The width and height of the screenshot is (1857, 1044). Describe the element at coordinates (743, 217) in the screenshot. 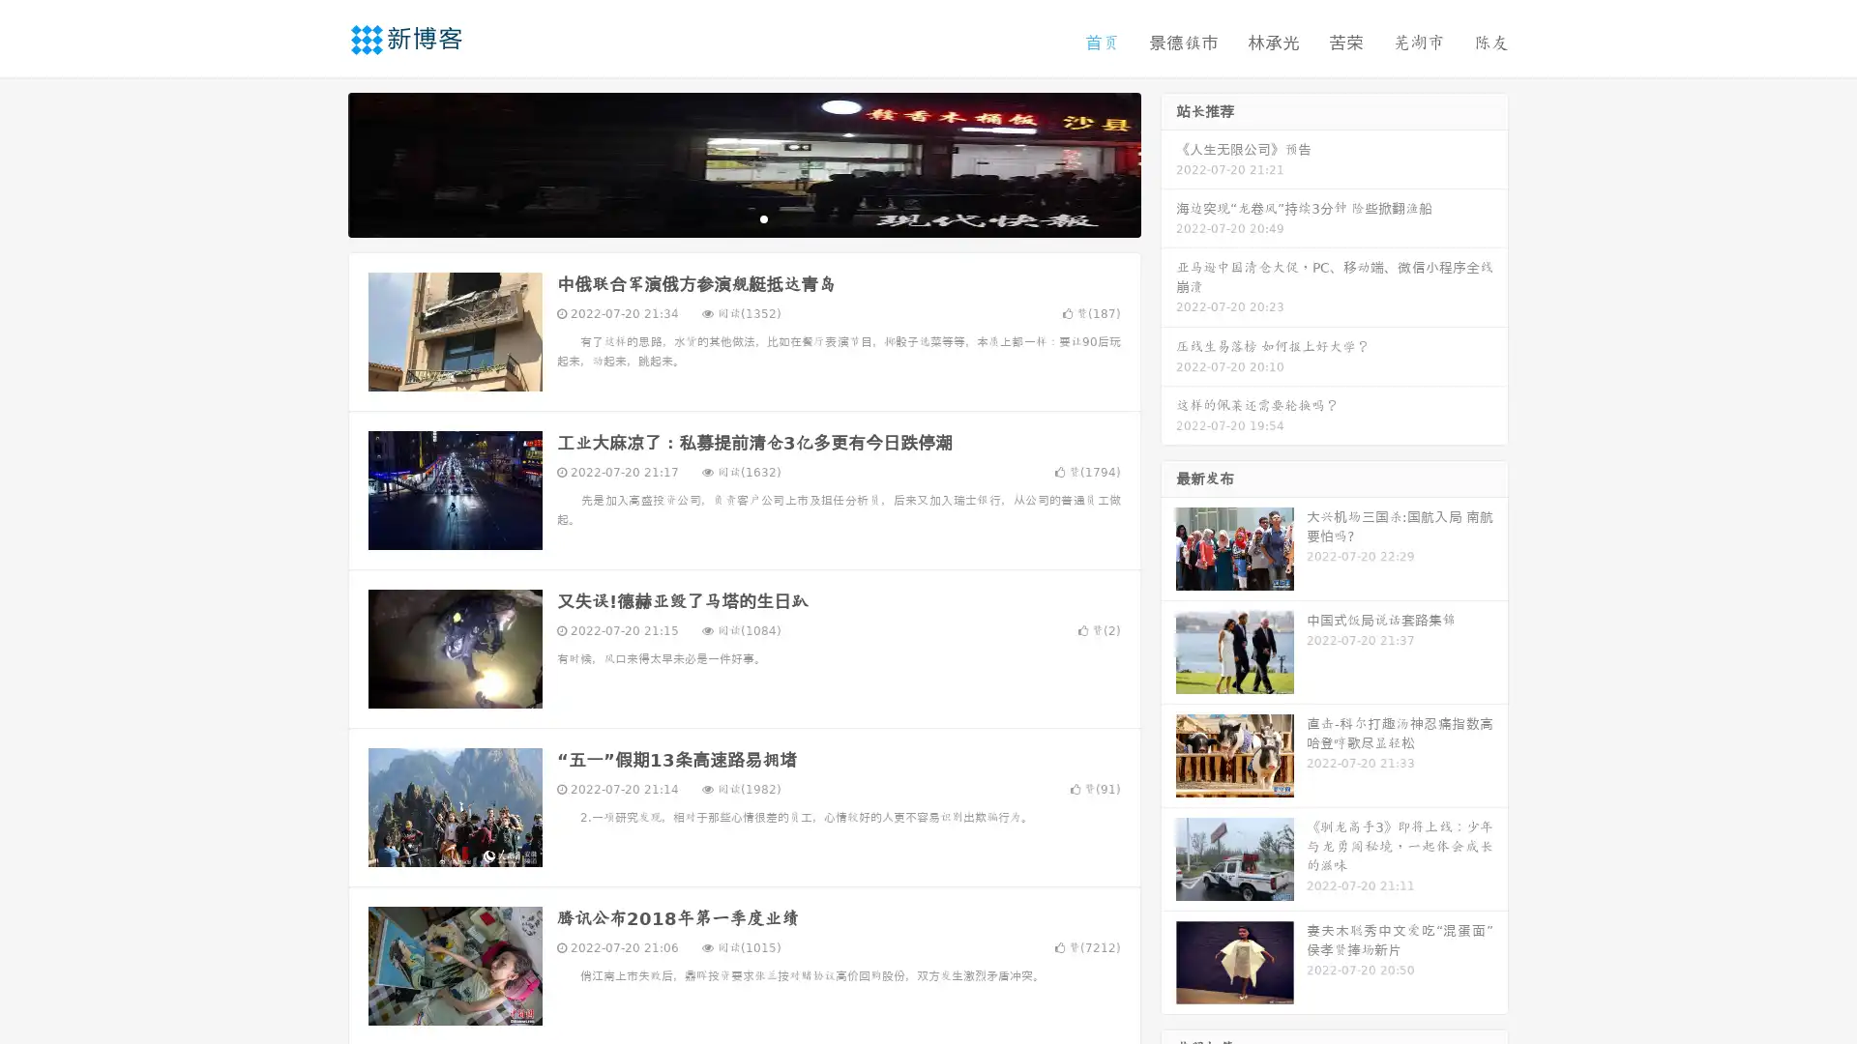

I see `Go to slide 2` at that location.